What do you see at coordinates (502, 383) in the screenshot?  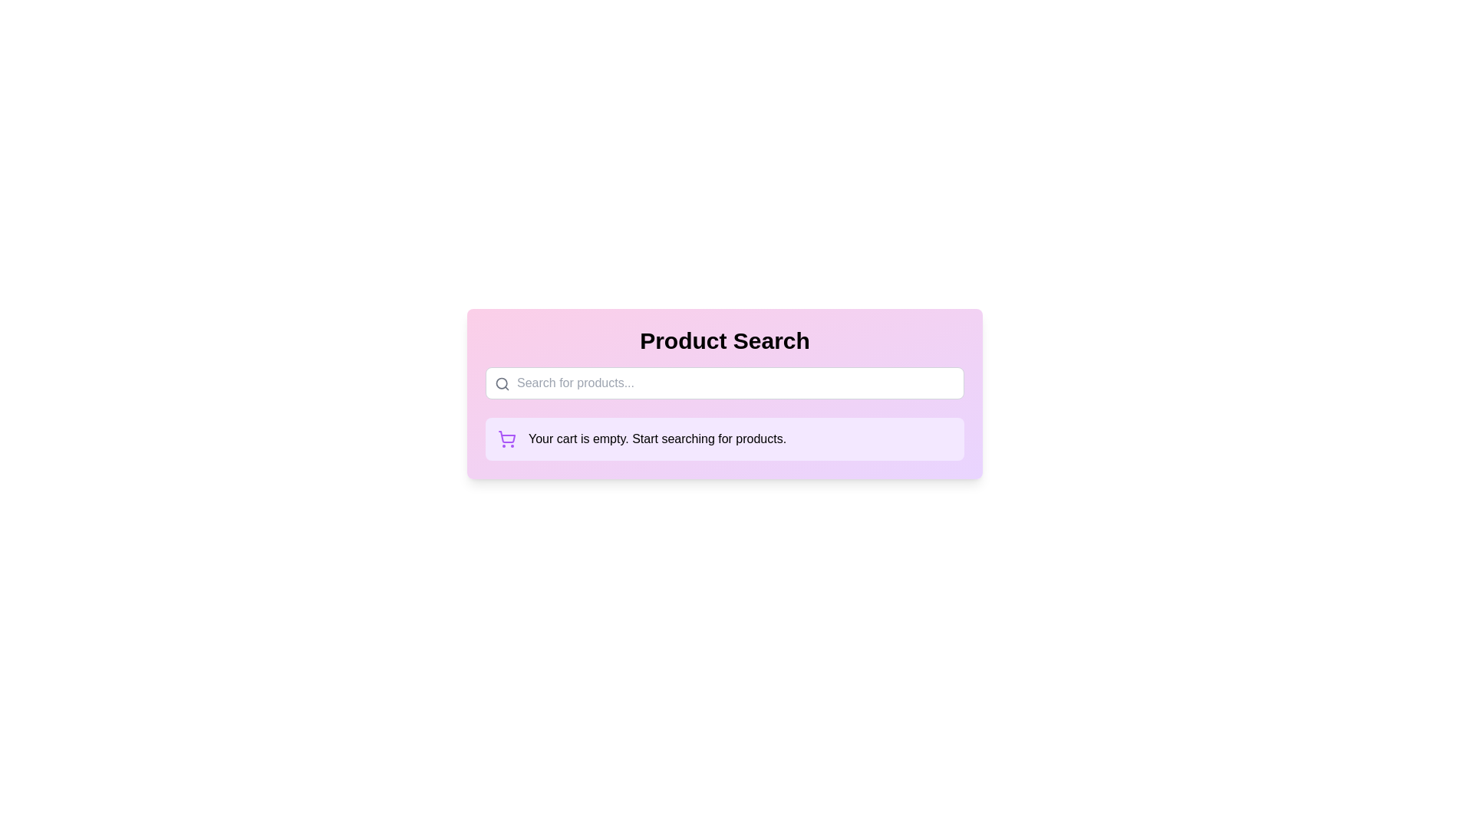 I see `the SVG Circle element that represents the circular part of the search icon, which is located to the left side of the input field` at bounding box center [502, 383].